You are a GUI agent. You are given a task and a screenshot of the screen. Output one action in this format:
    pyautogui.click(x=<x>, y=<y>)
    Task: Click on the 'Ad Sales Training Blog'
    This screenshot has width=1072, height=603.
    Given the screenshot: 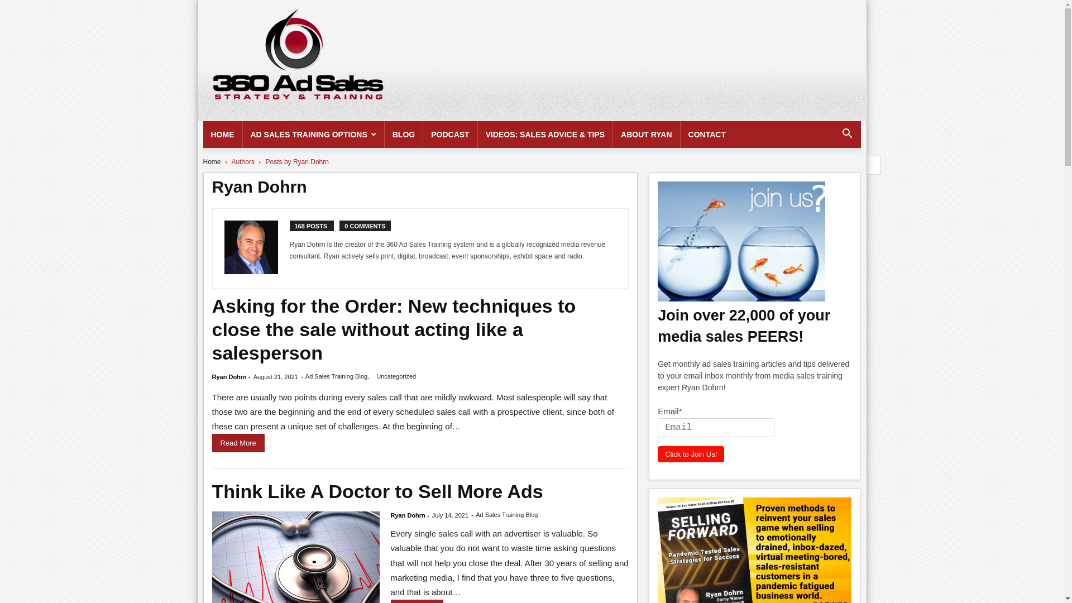 What is the action you would take?
    pyautogui.click(x=336, y=376)
    